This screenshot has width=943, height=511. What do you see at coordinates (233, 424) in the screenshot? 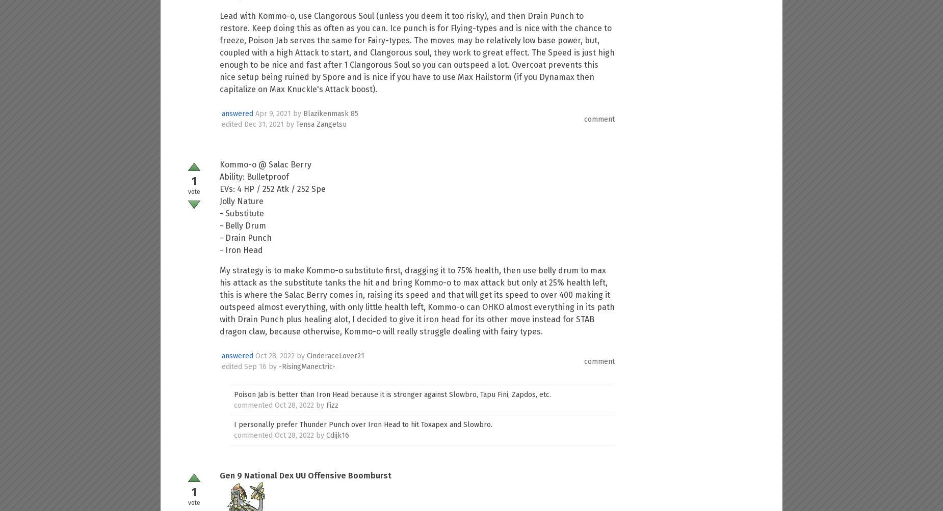
I see `'I personally prefer Thunder Punch over Iron Head to hit Toxapex and Slowbro.'` at bounding box center [233, 424].